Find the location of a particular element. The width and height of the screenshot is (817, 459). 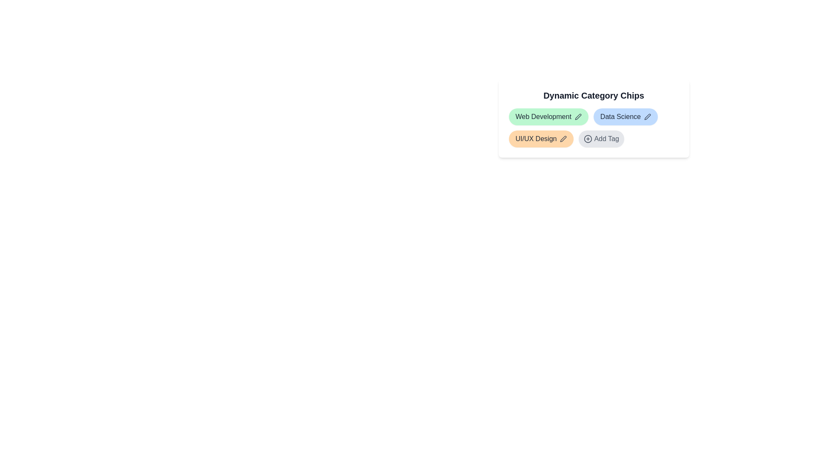

the tag chip labeled Data Science to select or interact with it is located at coordinates (626, 116).